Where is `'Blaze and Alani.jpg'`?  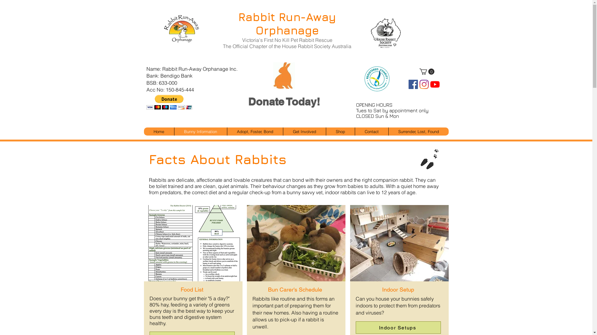
'Blaze and Alani.jpg' is located at coordinates (295, 240).